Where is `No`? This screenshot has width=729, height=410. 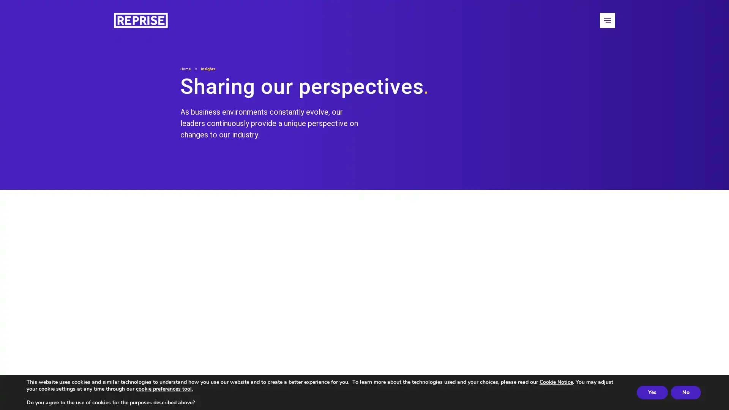
No is located at coordinates (686, 392).